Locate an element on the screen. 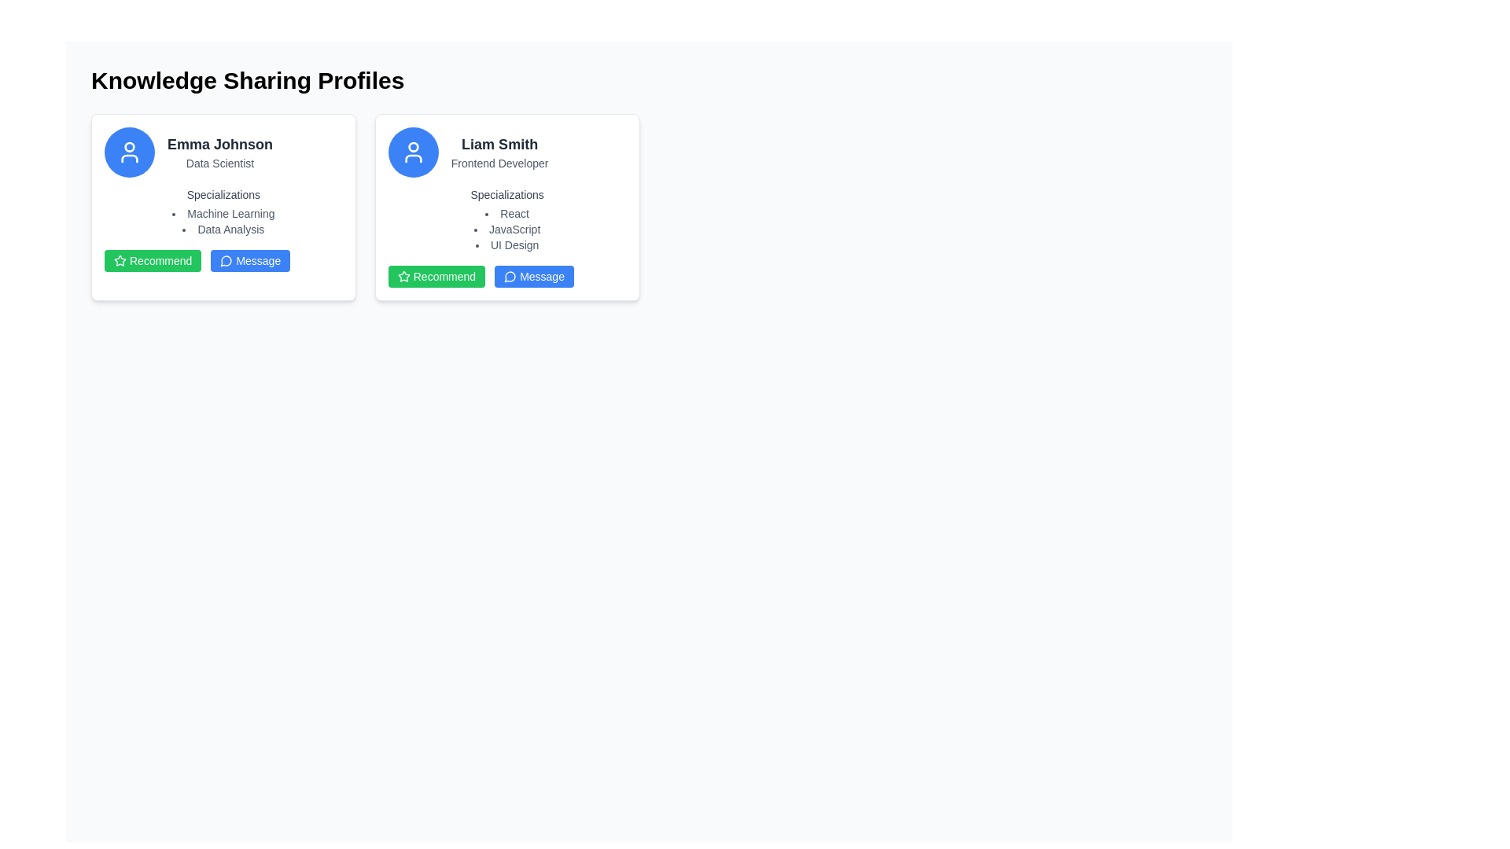  the decorative vector graphic component located in the lower part of the user profile icon above the name 'Liam Smith' is located at coordinates (413, 158).